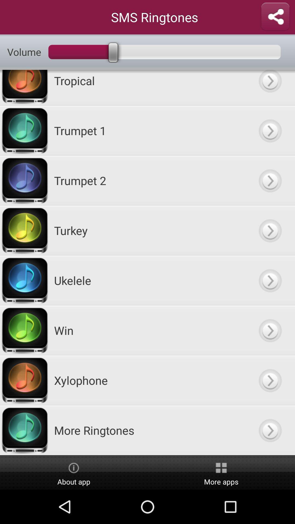 The height and width of the screenshot is (524, 295). I want to click on open ukelele, so click(270, 280).